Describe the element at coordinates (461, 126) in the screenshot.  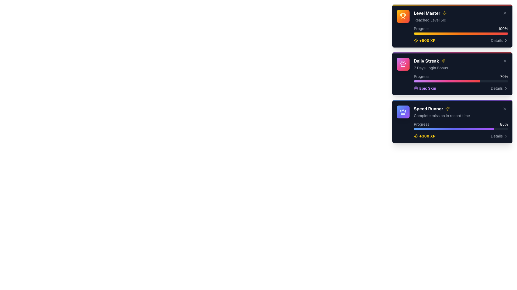
I see `the progress visually on the progress bar labeled 'Speed Runner - Complete mission in record time', which indicates 85% completion` at that location.